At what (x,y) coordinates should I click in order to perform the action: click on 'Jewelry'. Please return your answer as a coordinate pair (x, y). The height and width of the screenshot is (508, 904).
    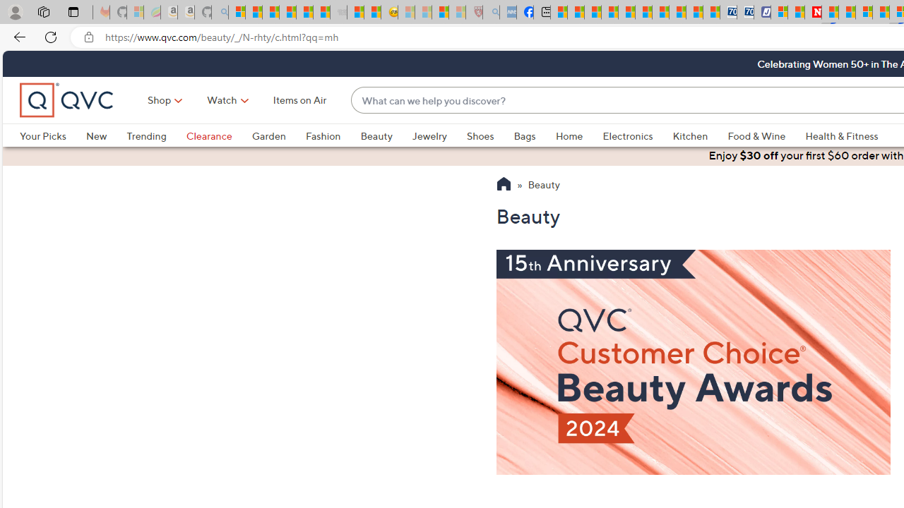
    Looking at the image, I should click on (429, 135).